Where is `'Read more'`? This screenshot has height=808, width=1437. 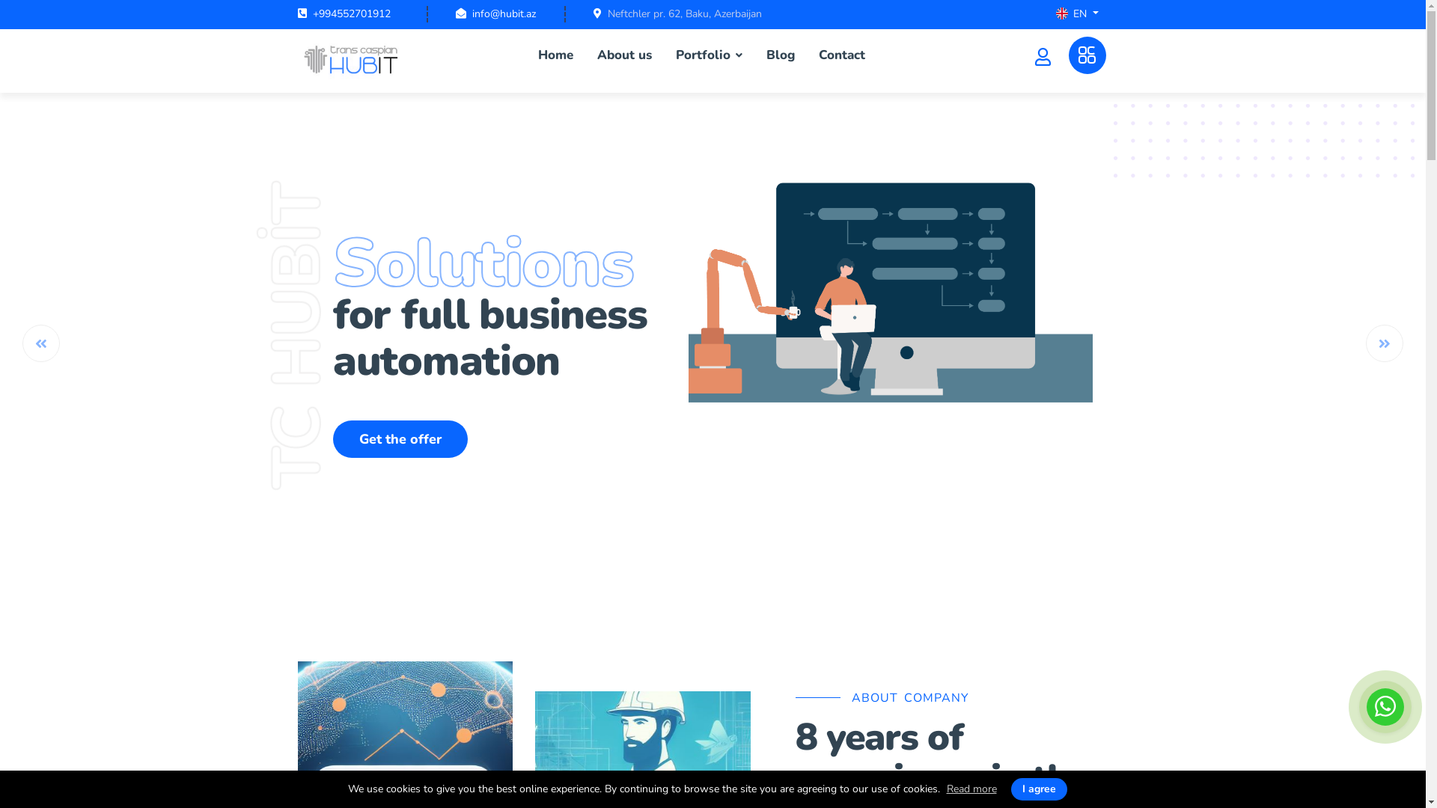 'Read more' is located at coordinates (971, 789).